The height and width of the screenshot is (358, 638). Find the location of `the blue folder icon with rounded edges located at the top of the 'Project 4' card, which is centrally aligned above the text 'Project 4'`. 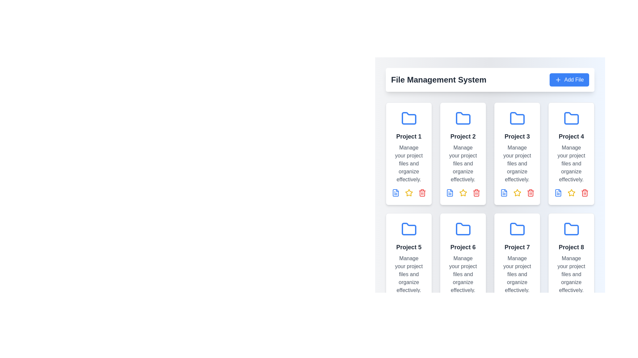

the blue folder icon with rounded edges located at the top of the 'Project 4' card, which is centrally aligned above the text 'Project 4' is located at coordinates (571, 118).